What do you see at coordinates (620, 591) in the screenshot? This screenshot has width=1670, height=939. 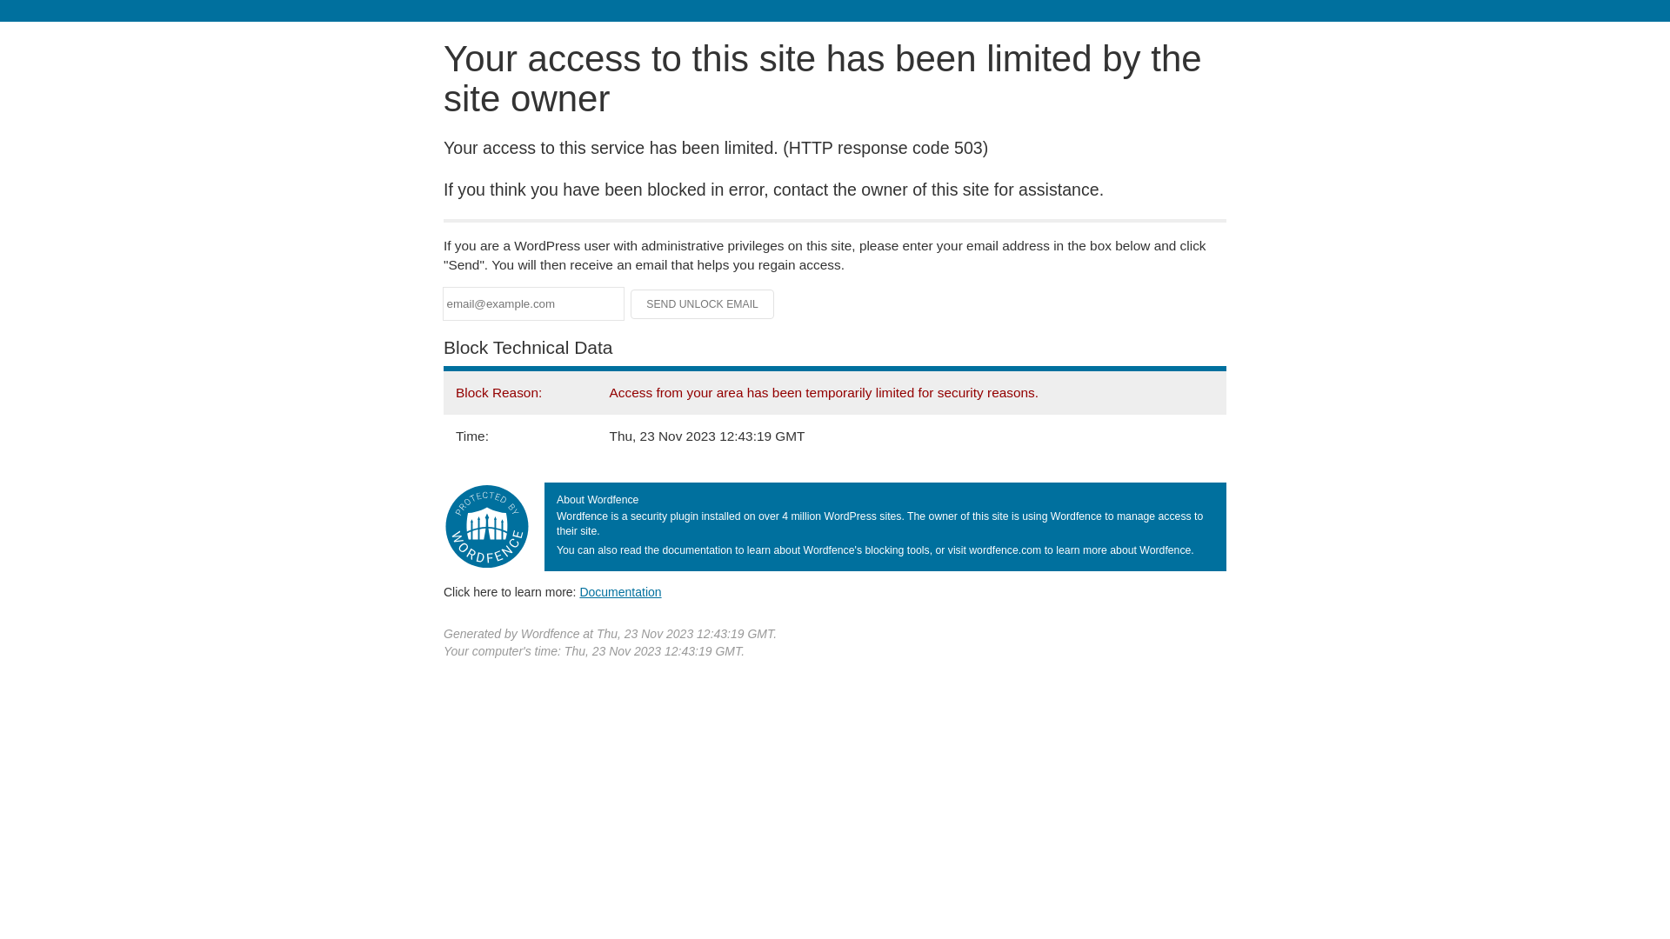 I see `'Documentation'` at bounding box center [620, 591].